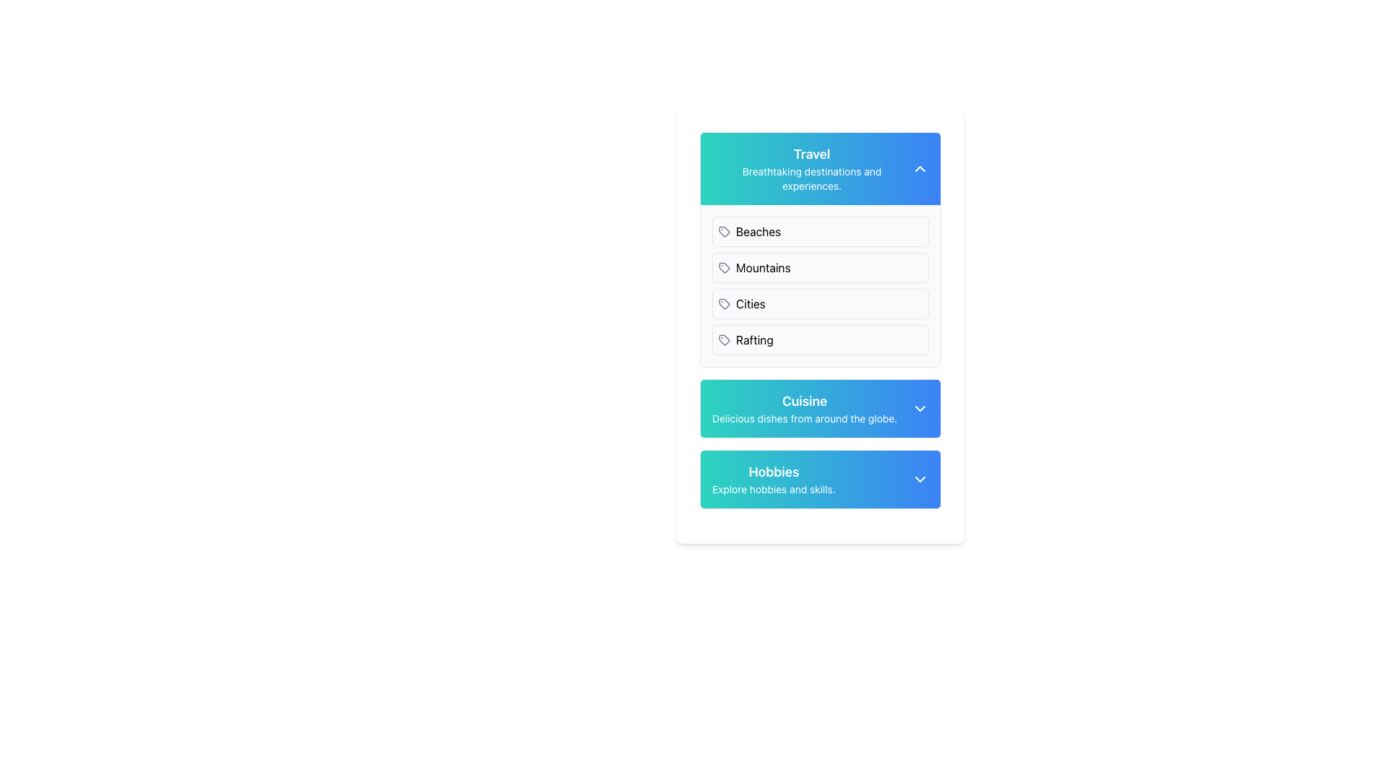  Describe the element at coordinates (803, 401) in the screenshot. I see `text label displaying 'Cuisine' which is bold and white on a gradient background, located above 'Hobbies' and below 'Travel' in the category section` at that location.